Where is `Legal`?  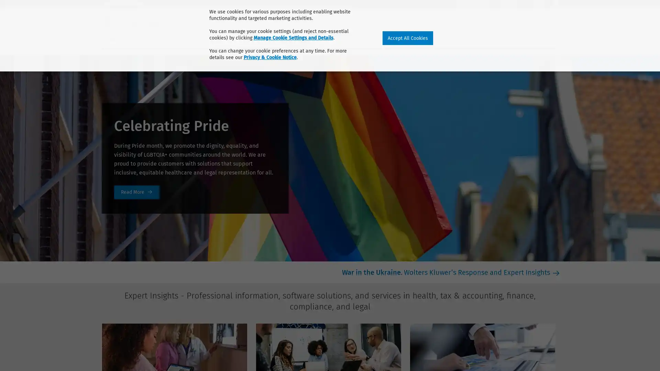 Legal is located at coordinates (302, 38).